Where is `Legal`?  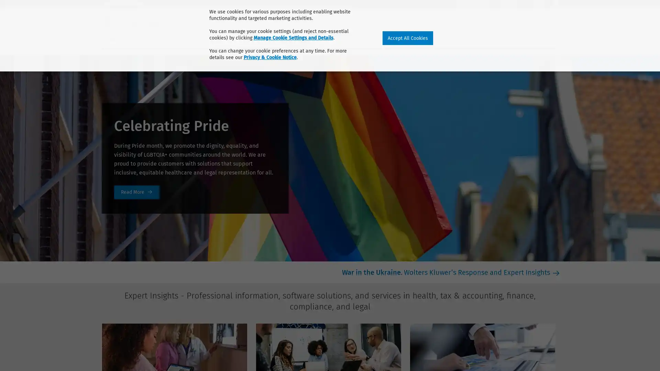 Legal is located at coordinates (302, 38).